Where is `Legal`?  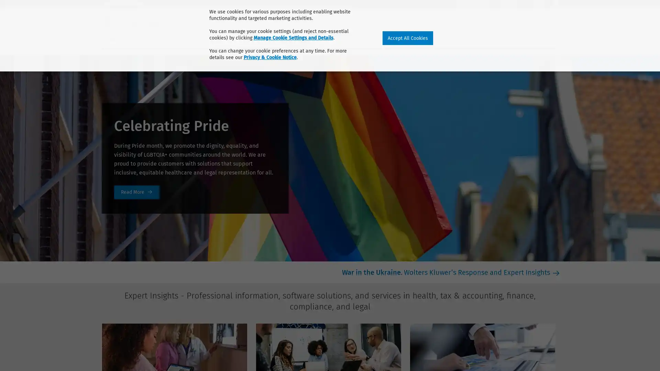 Legal is located at coordinates (302, 38).